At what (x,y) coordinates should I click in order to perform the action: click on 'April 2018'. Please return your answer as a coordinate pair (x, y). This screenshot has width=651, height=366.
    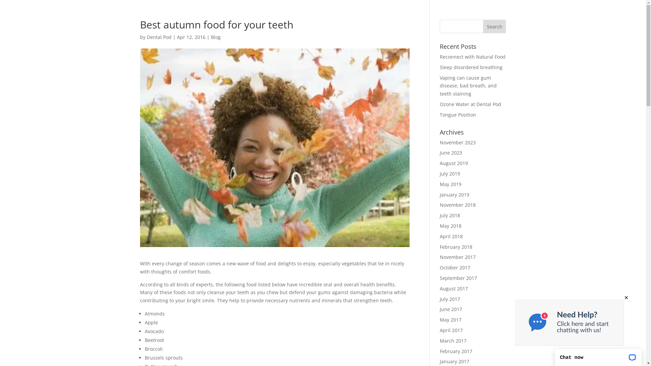
    Looking at the image, I should click on (439, 236).